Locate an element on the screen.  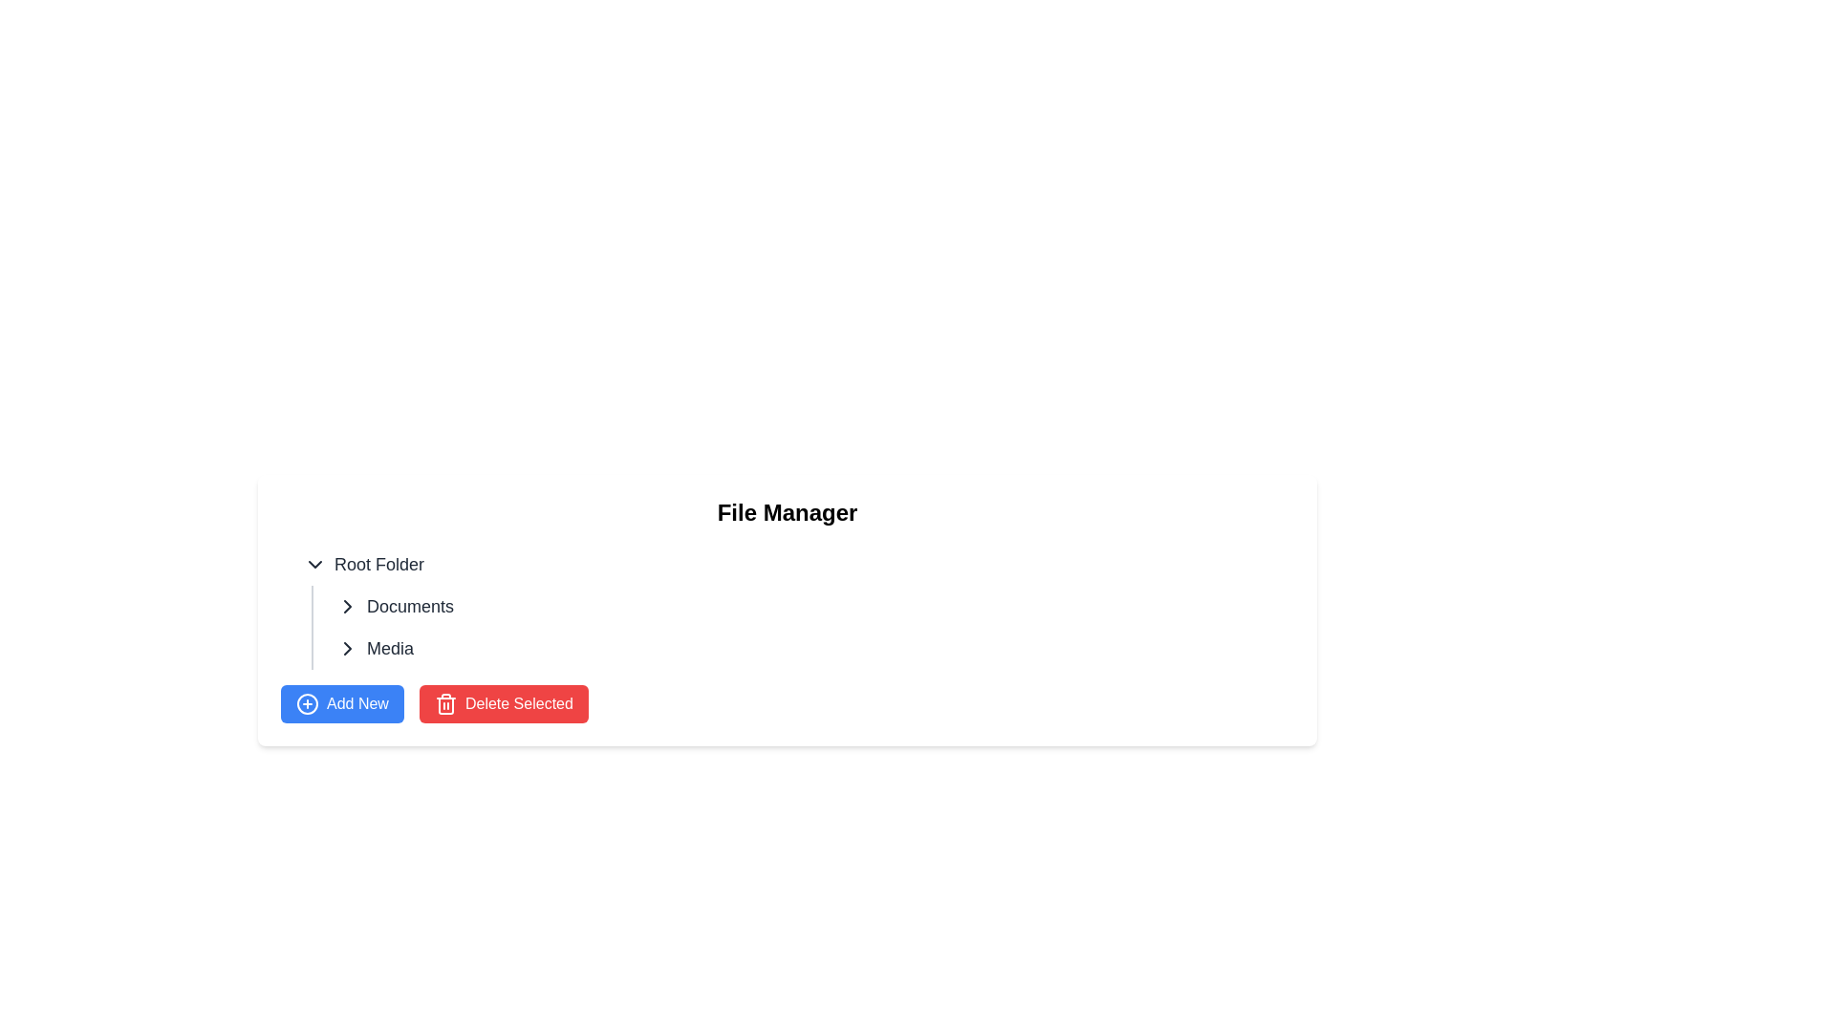
the chevron-right icon button next to the 'Documents' text is located at coordinates (348, 607).